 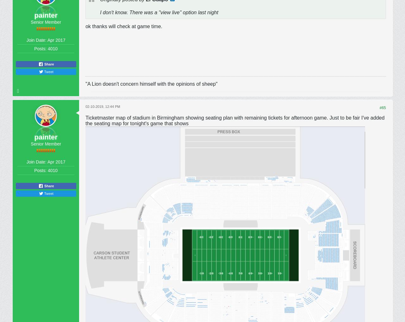 I want to click on 'I don't know. There was a "view live" option last night', so click(x=159, y=12).